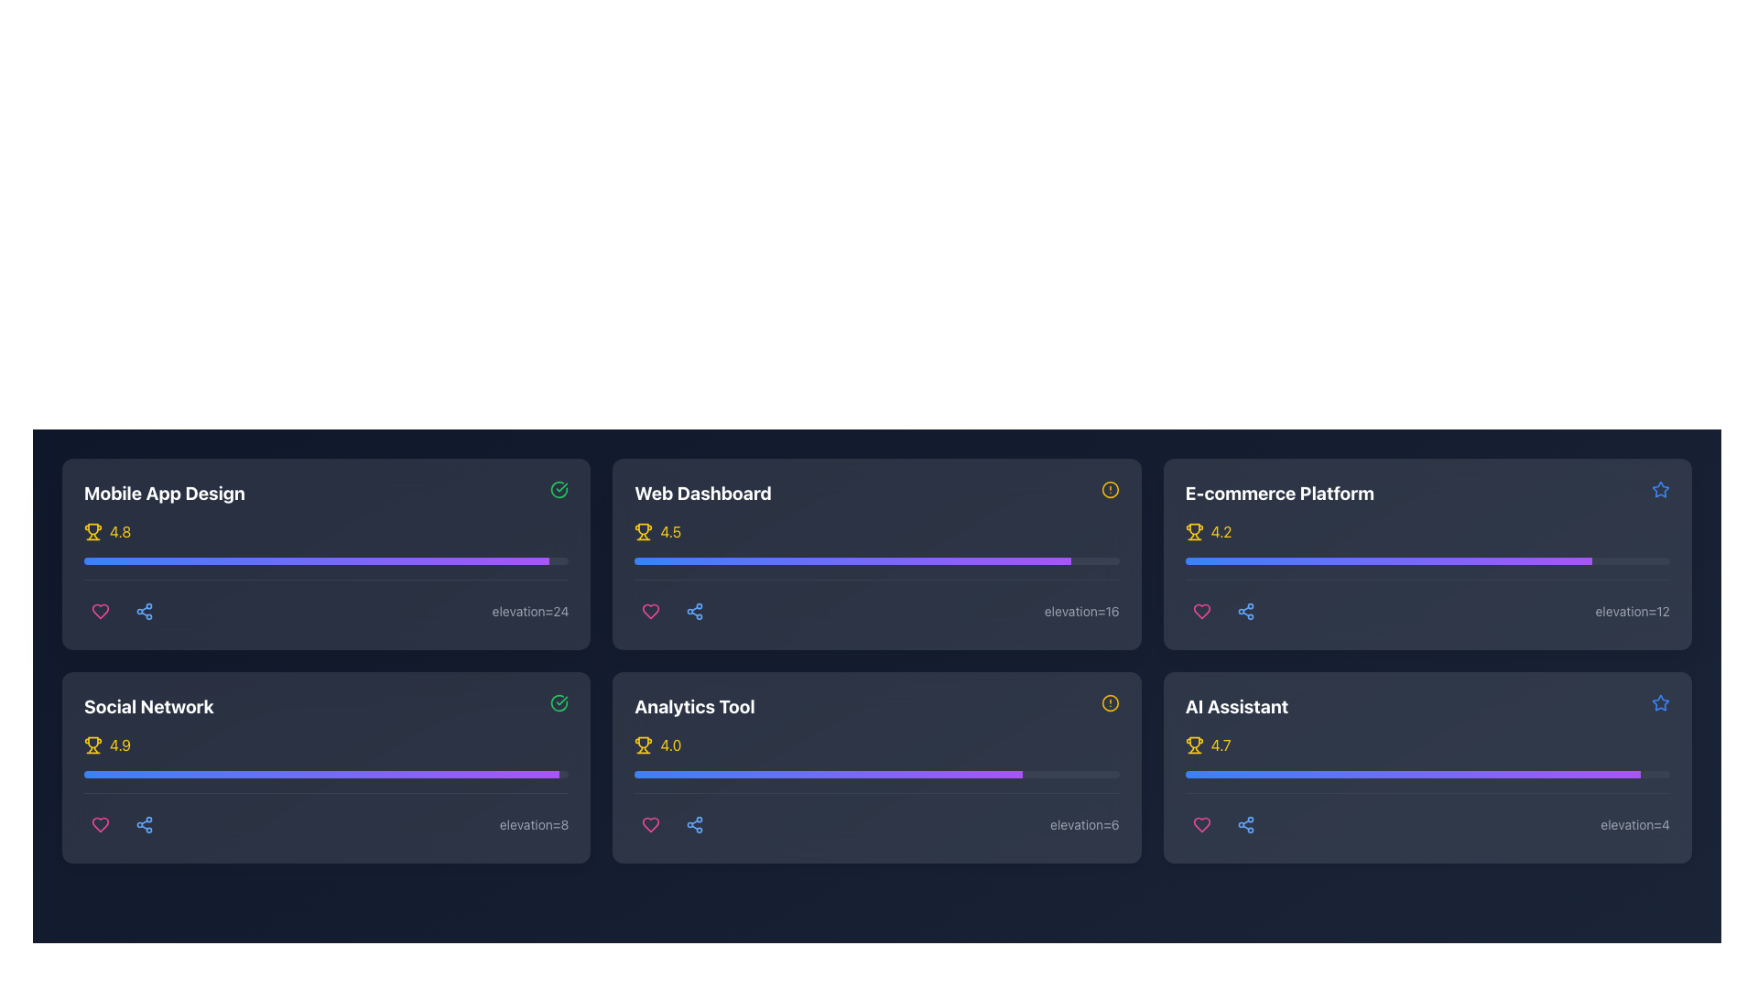 The width and height of the screenshot is (1758, 989). What do you see at coordinates (1109, 701) in the screenshot?
I see `the visual status indication of the circular shape element with an outline-only design, located within the warning icon in the 'Analytics Tool' card` at bounding box center [1109, 701].